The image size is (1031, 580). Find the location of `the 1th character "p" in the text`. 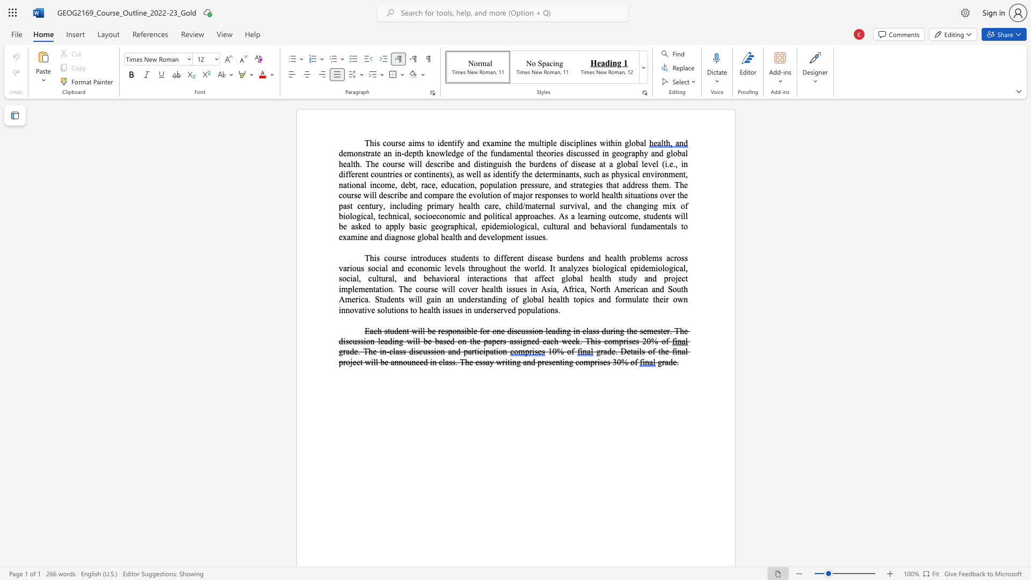

the 1th character "p" in the text is located at coordinates (503, 236).